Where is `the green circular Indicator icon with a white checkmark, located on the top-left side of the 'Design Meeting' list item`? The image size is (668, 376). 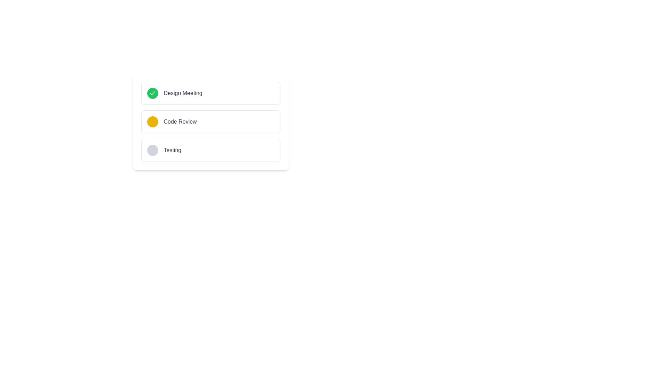
the green circular Indicator icon with a white checkmark, located on the top-left side of the 'Design Meeting' list item is located at coordinates (152, 93).